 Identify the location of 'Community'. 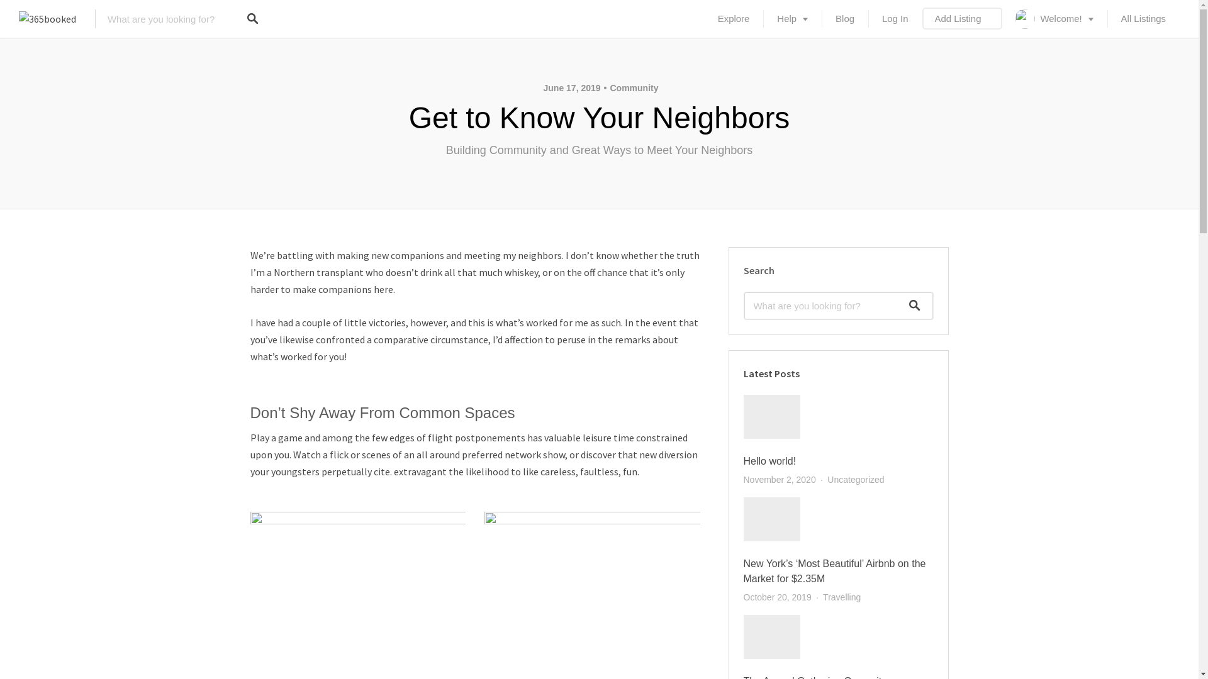
(631, 87).